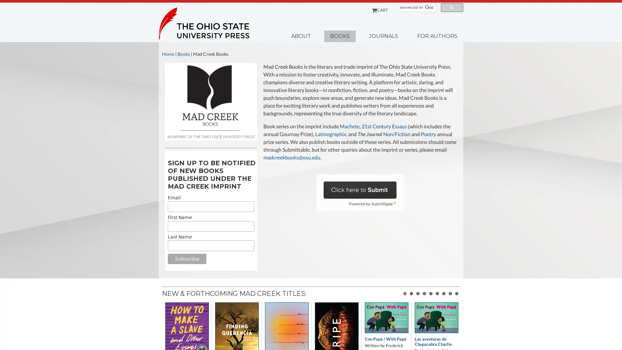 The image size is (622, 350). What do you see at coordinates (424, 294) in the screenshot?
I see `4` at bounding box center [424, 294].